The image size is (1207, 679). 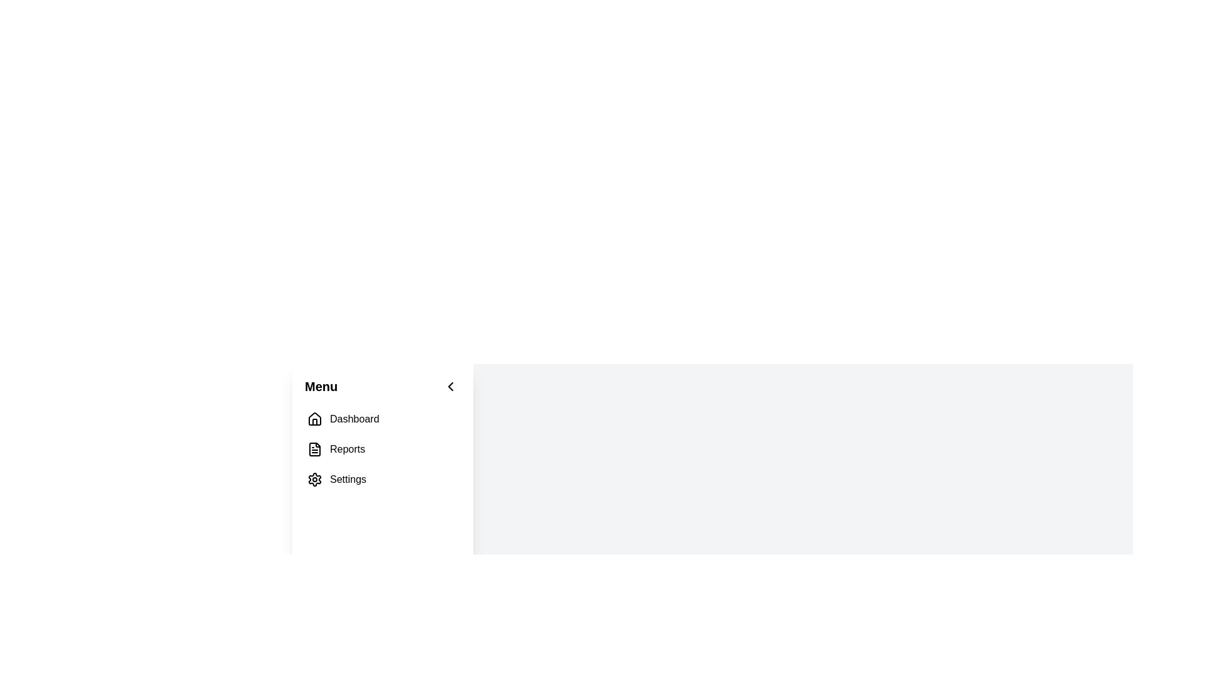 What do you see at coordinates (348, 480) in the screenshot?
I see `the Text Label that indicates the settings section in the lower part of the vertical menu on the left side of the interface, positioned below 'Reports'` at bounding box center [348, 480].